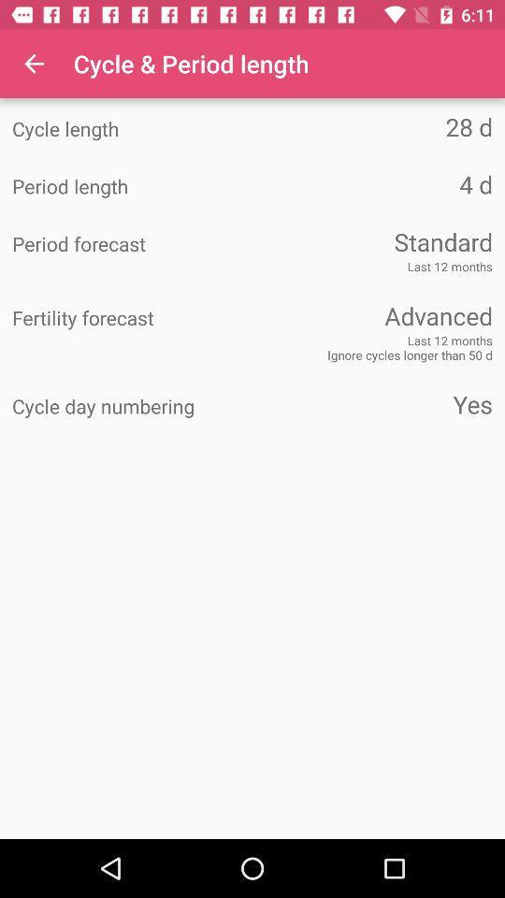 The image size is (505, 898). I want to click on the item above the last 12 months item, so click(372, 240).